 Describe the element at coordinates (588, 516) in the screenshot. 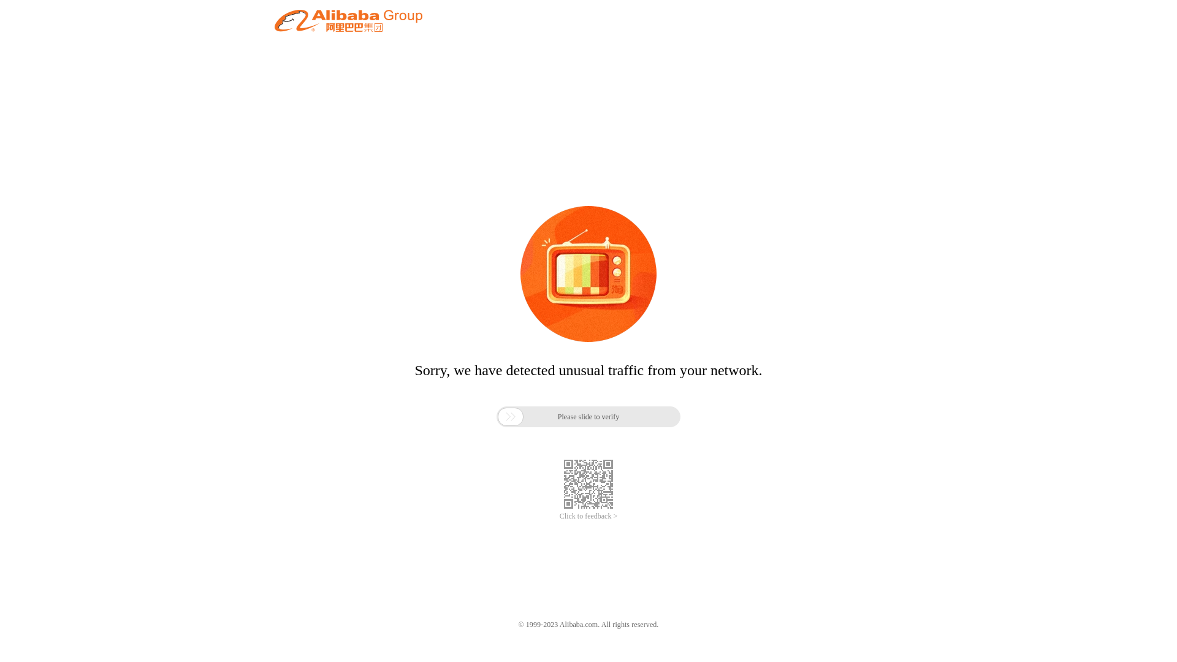

I see `'Click to feedback >'` at that location.